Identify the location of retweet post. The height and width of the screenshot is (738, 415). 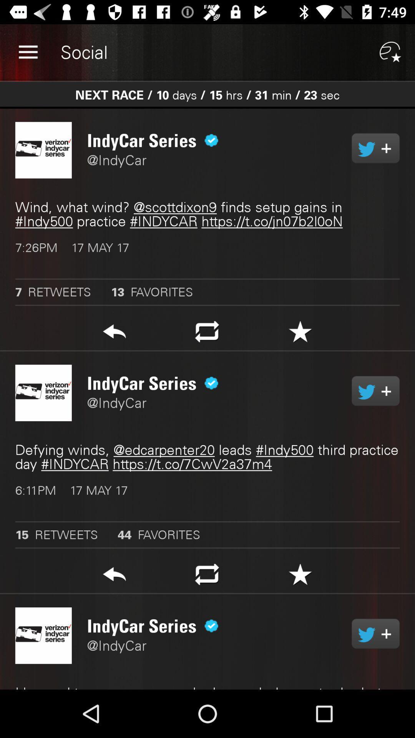
(207, 577).